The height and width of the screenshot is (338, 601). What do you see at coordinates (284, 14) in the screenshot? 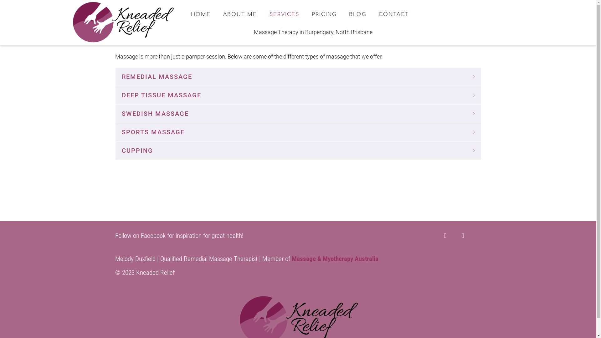
I see `'SERVICES'` at bounding box center [284, 14].